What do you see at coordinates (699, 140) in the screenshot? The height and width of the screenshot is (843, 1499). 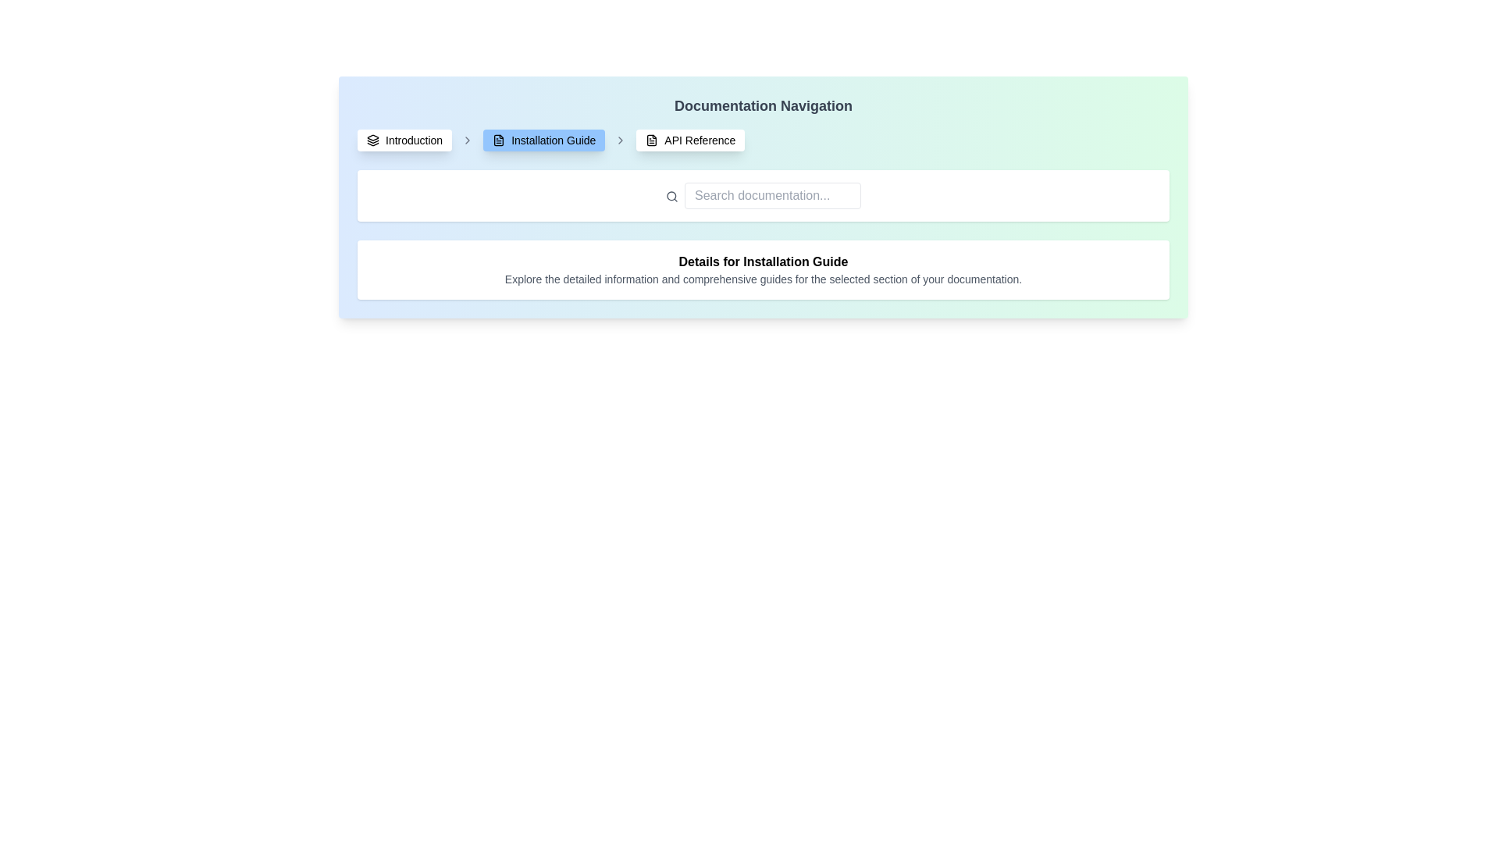 I see `the third text link in the breadcrumb navigation component` at bounding box center [699, 140].